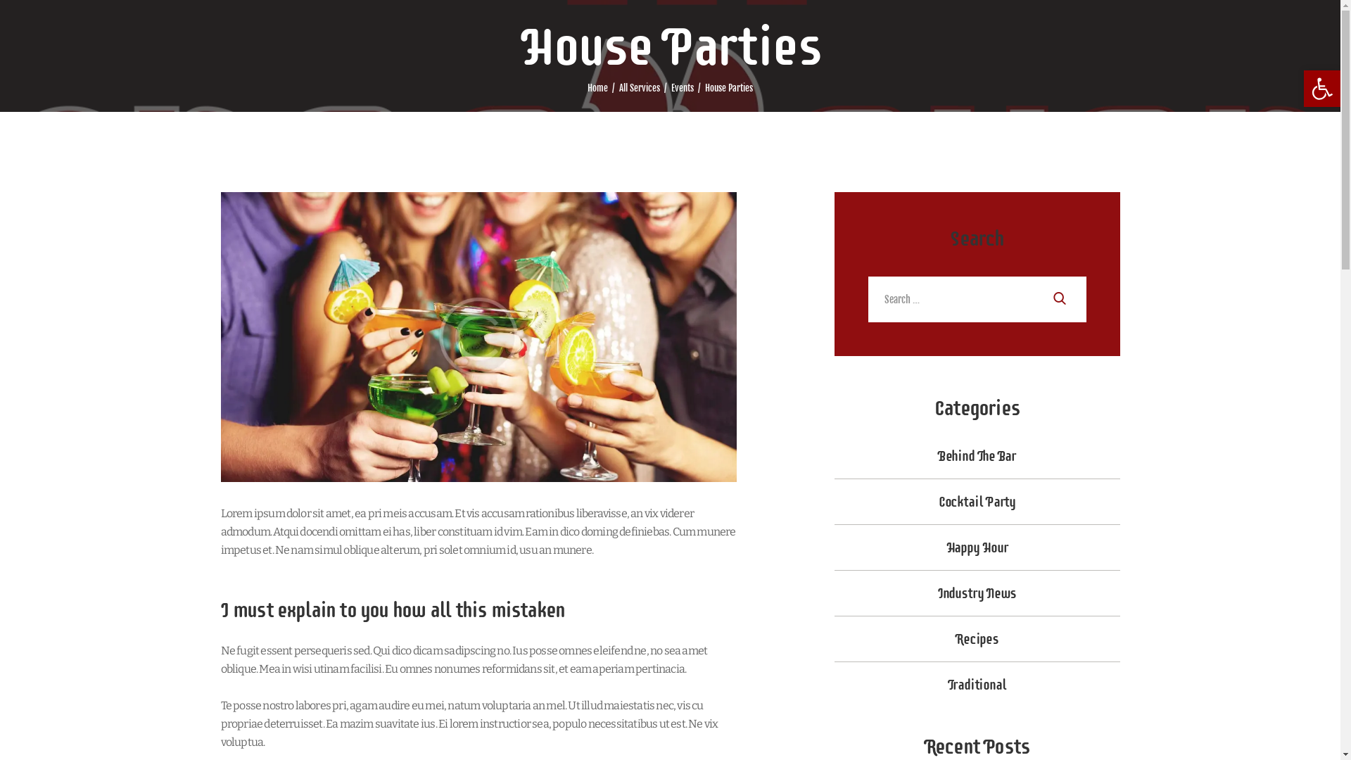  I want to click on 'Open toolbar, so click(1321, 89).